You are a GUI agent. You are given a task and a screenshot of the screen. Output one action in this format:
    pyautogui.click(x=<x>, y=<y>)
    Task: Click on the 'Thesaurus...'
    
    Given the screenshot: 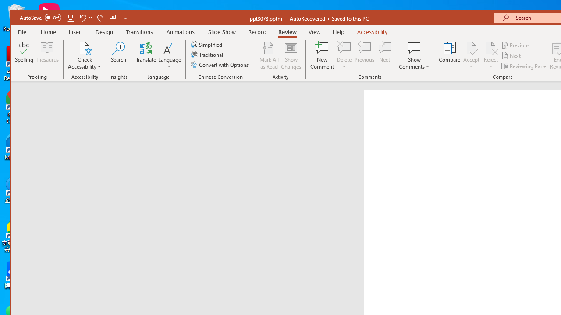 What is the action you would take?
    pyautogui.click(x=47, y=56)
    